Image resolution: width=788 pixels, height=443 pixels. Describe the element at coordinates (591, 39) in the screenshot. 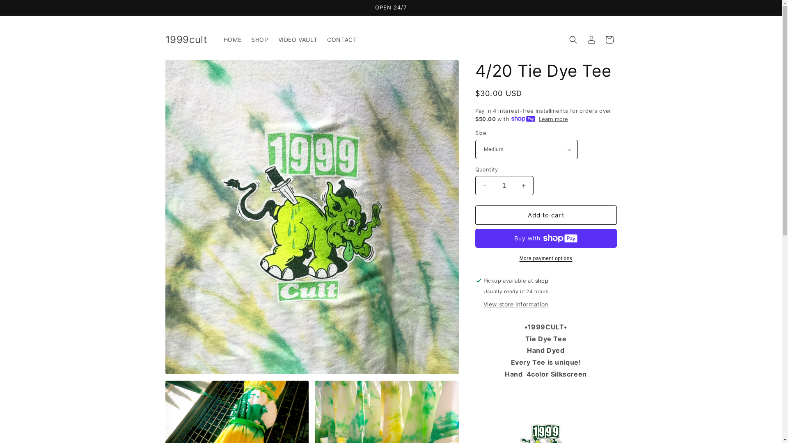

I see `'Log in'` at that location.